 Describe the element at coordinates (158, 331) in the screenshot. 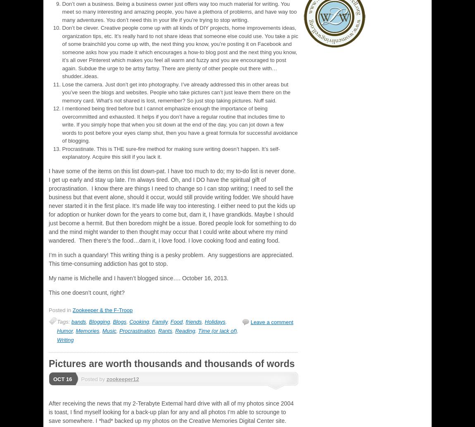

I see `'Rants'` at that location.